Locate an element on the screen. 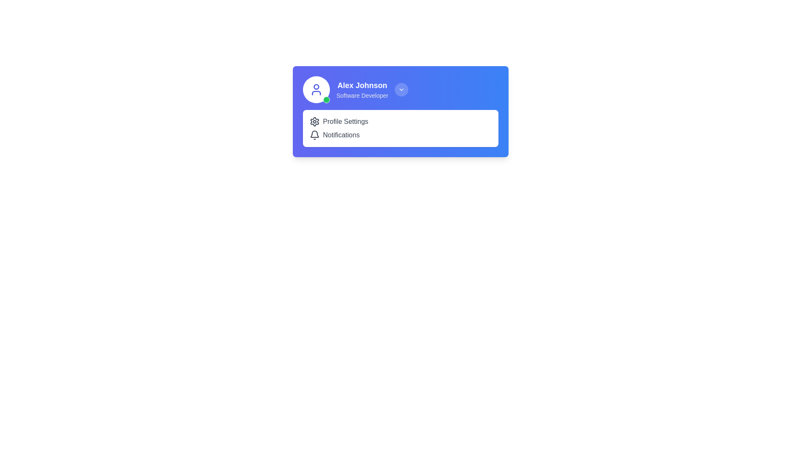 This screenshot has width=809, height=455. the text label that reads 'Alex Johnson', which is prominently displayed in a bold, large white font against a blue background, within the user profile section at the top-right of the interface is located at coordinates (362, 86).